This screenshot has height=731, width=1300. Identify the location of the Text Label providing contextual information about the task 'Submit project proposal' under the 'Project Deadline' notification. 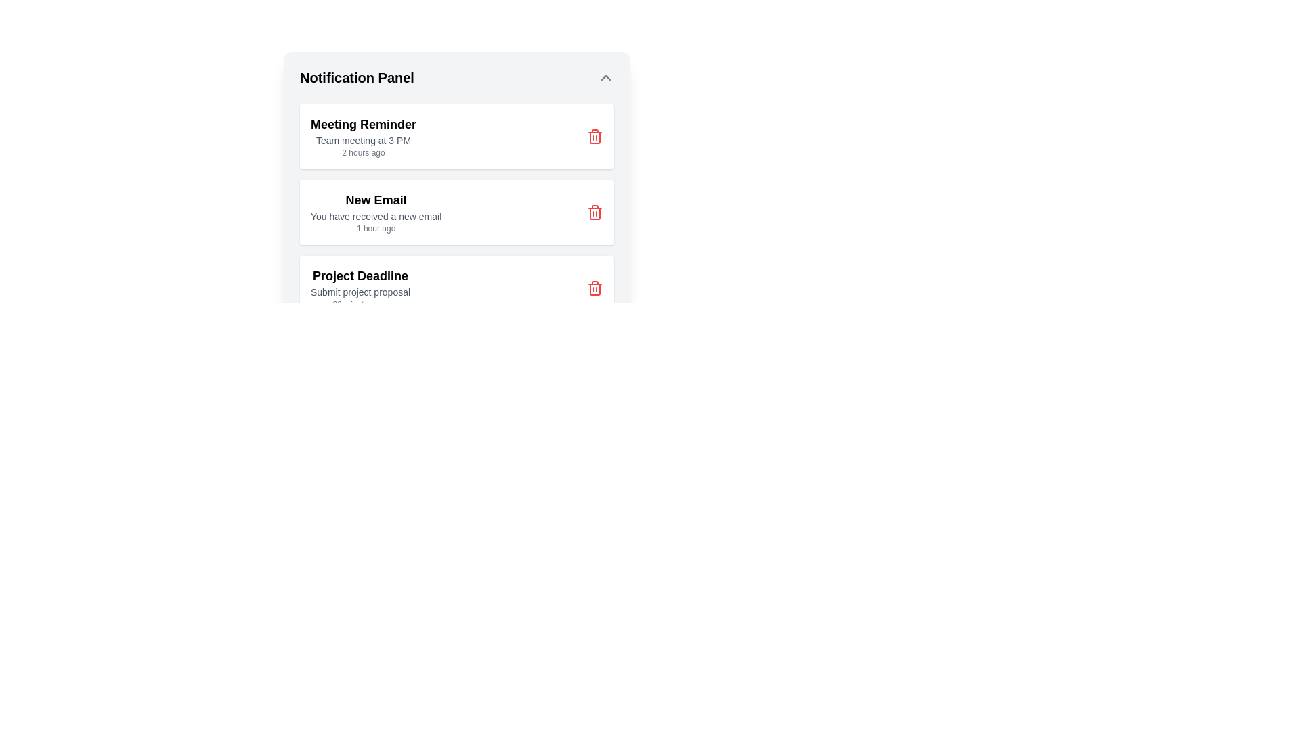
(360, 292).